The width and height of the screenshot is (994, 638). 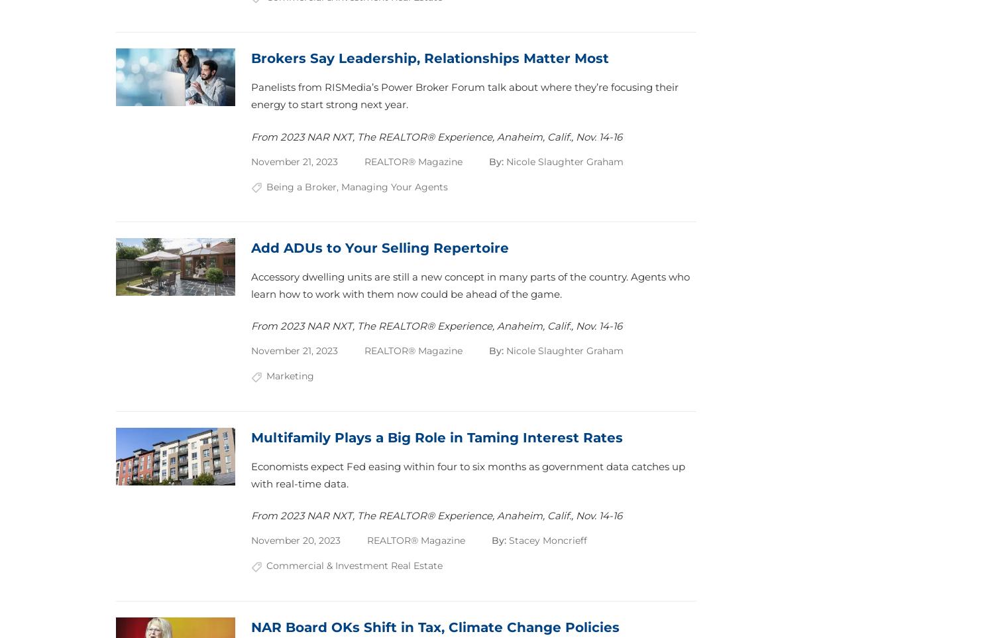 I want to click on 'Panelists from RISMedia’s Power Broker Forum talk about where they’re focusing their energy to start strong next year.', so click(x=251, y=95).